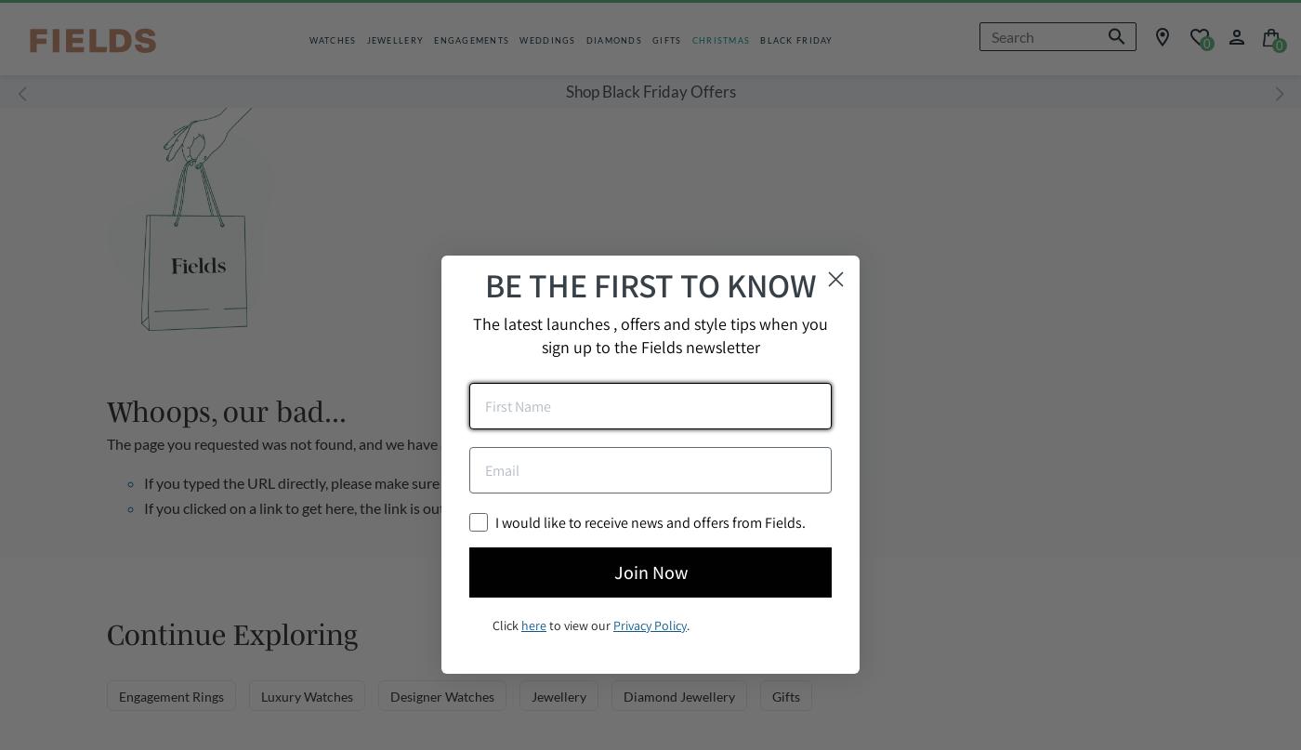 Image resolution: width=1301 pixels, height=750 pixels. Describe the element at coordinates (171, 694) in the screenshot. I see `'Engagement Rings'` at that location.